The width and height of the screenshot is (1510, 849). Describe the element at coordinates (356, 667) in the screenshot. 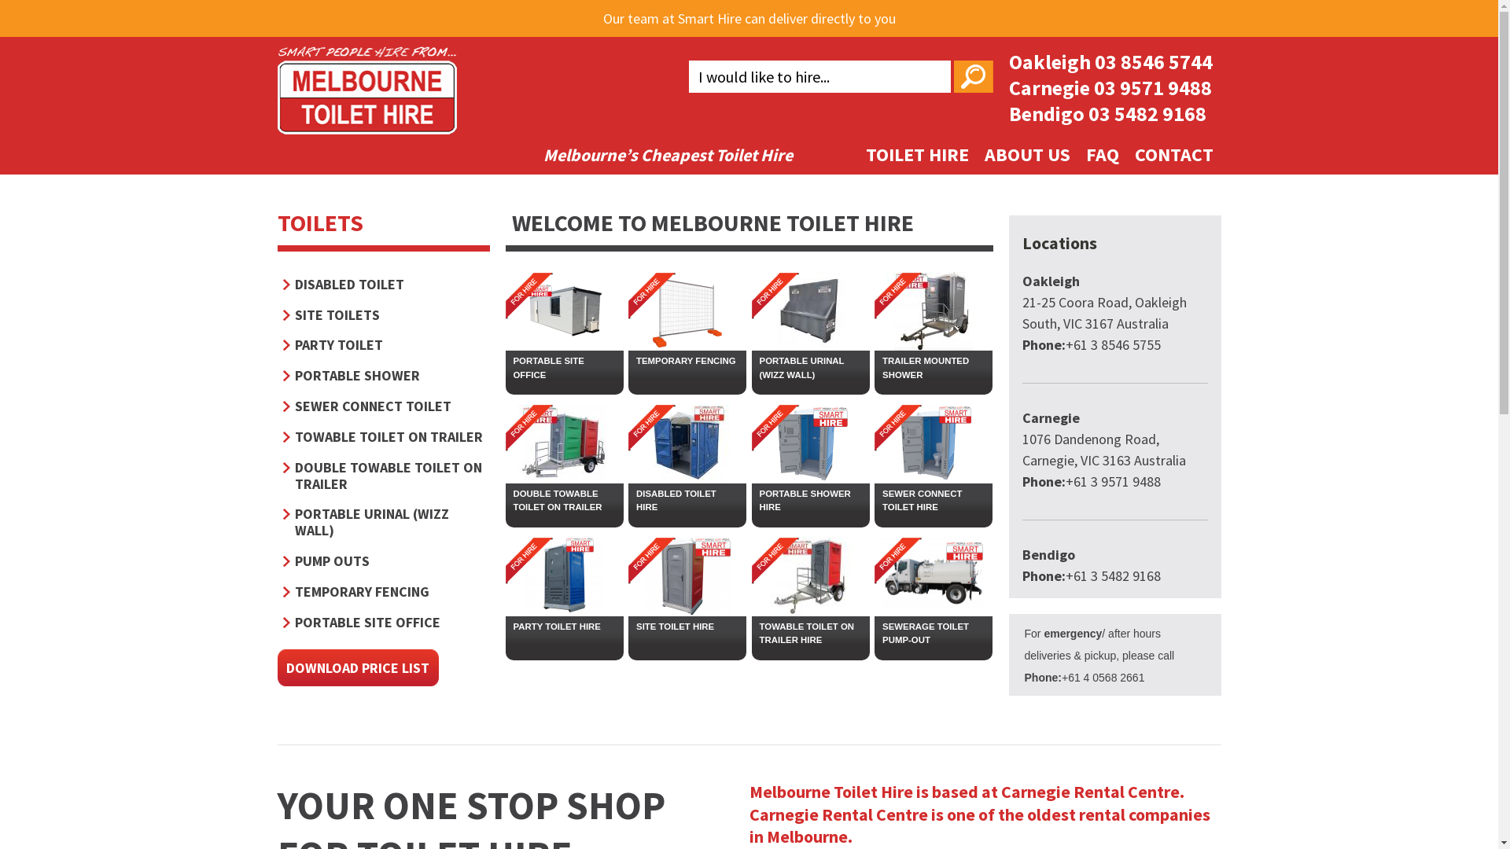

I see `'DOWNLOAD PRICE LIST'` at that location.